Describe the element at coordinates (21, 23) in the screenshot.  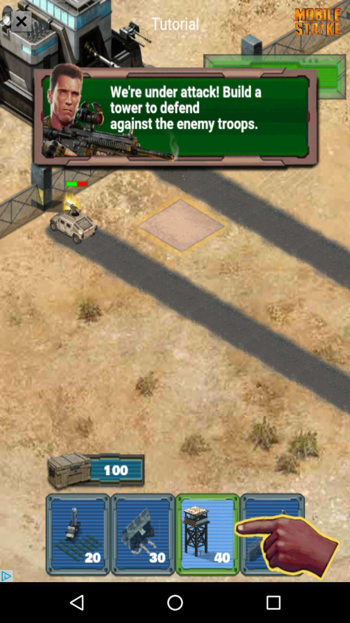
I see `the close icon` at that location.